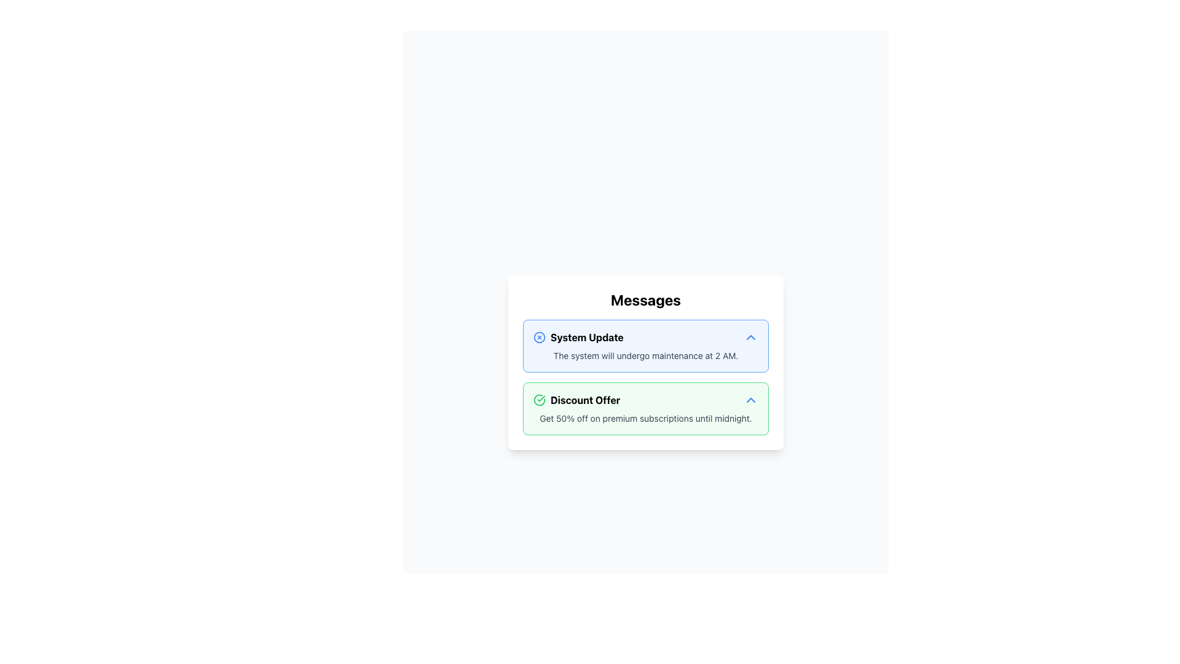  What do you see at coordinates (584, 400) in the screenshot?
I see `the Text label that serves as a title for an offer-related message, located beside a checkmark icon within a green rectangular box in the lower section of the 'Messages' list` at bounding box center [584, 400].